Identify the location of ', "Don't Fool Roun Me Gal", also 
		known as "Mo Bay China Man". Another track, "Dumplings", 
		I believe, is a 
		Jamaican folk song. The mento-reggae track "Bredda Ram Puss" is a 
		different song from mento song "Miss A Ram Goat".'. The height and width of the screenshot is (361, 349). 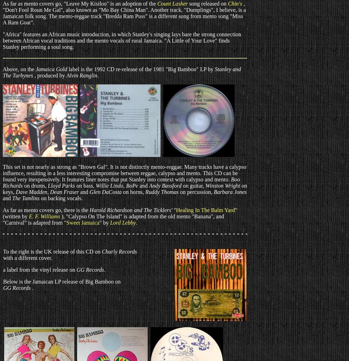
(124, 13).